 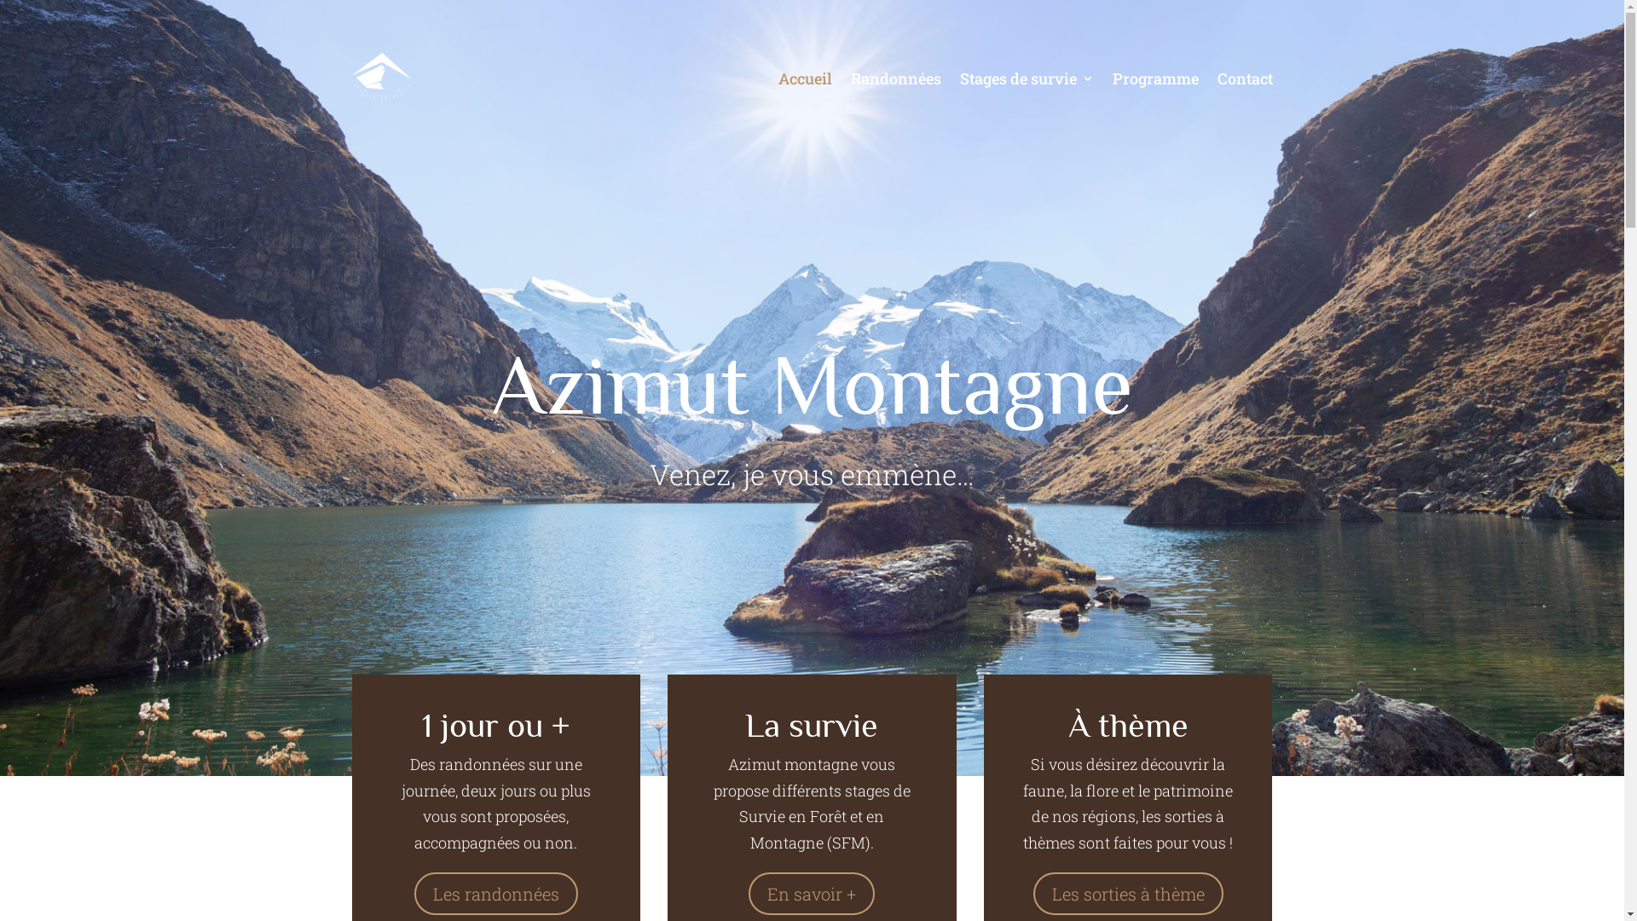 I want to click on 'Contact', so click(x=1245, y=78).